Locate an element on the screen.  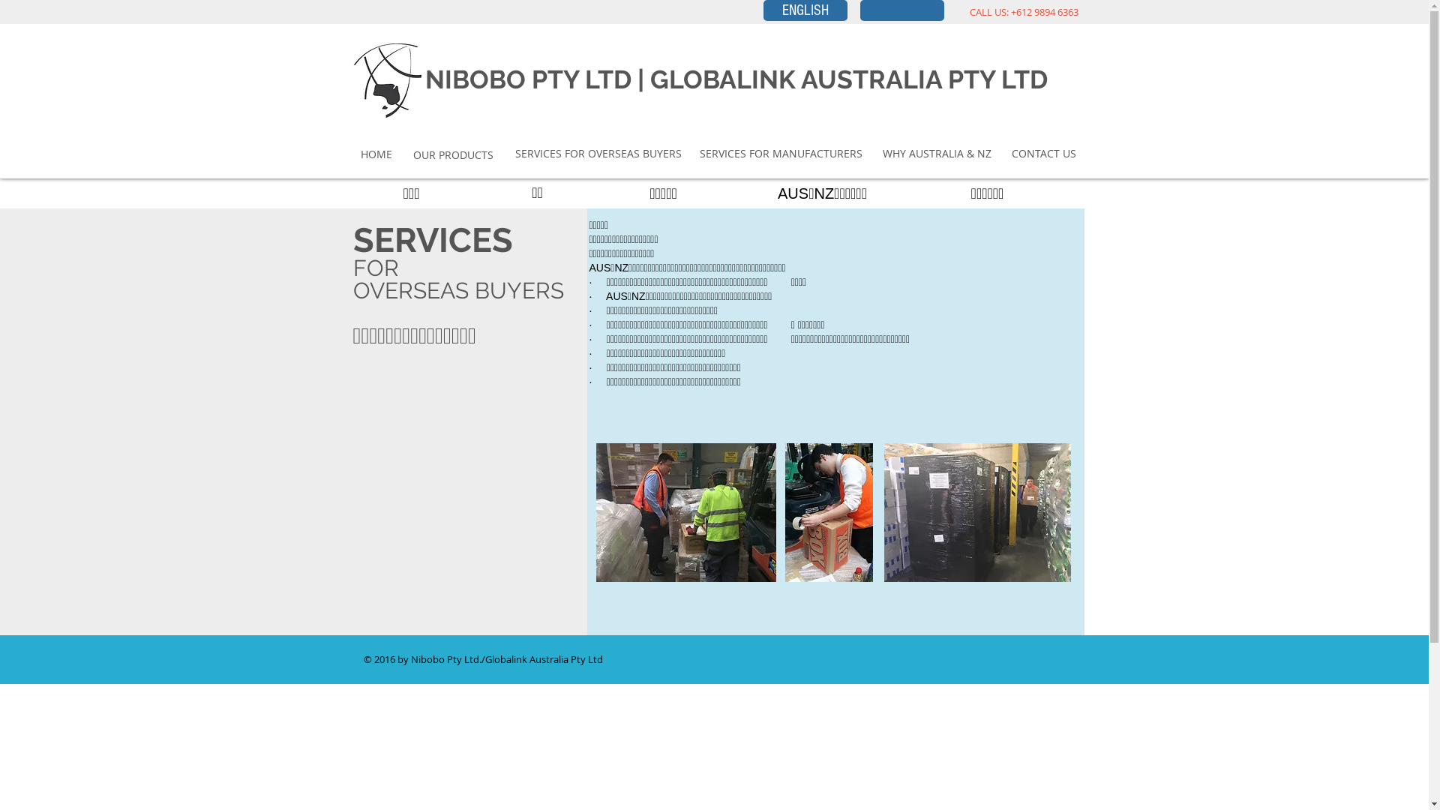
'ENGLISH' is located at coordinates (805, 10).